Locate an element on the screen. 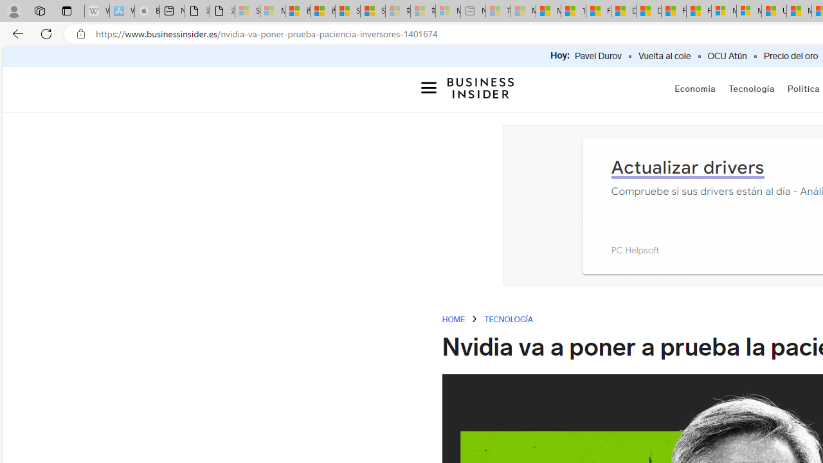 This screenshot has width=823, height=463. 'Drinking tea every day is proven to delay biological aging' is located at coordinates (648, 11).